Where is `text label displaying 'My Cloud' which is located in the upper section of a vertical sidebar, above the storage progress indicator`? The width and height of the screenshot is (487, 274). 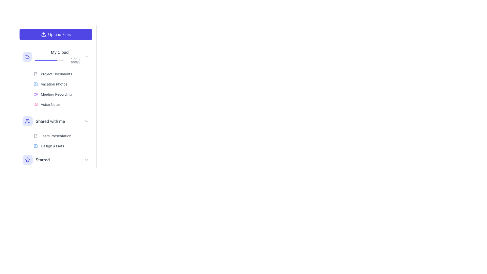
text label displaying 'My Cloud' which is located in the upper section of a vertical sidebar, above the storage progress indicator is located at coordinates (60, 52).